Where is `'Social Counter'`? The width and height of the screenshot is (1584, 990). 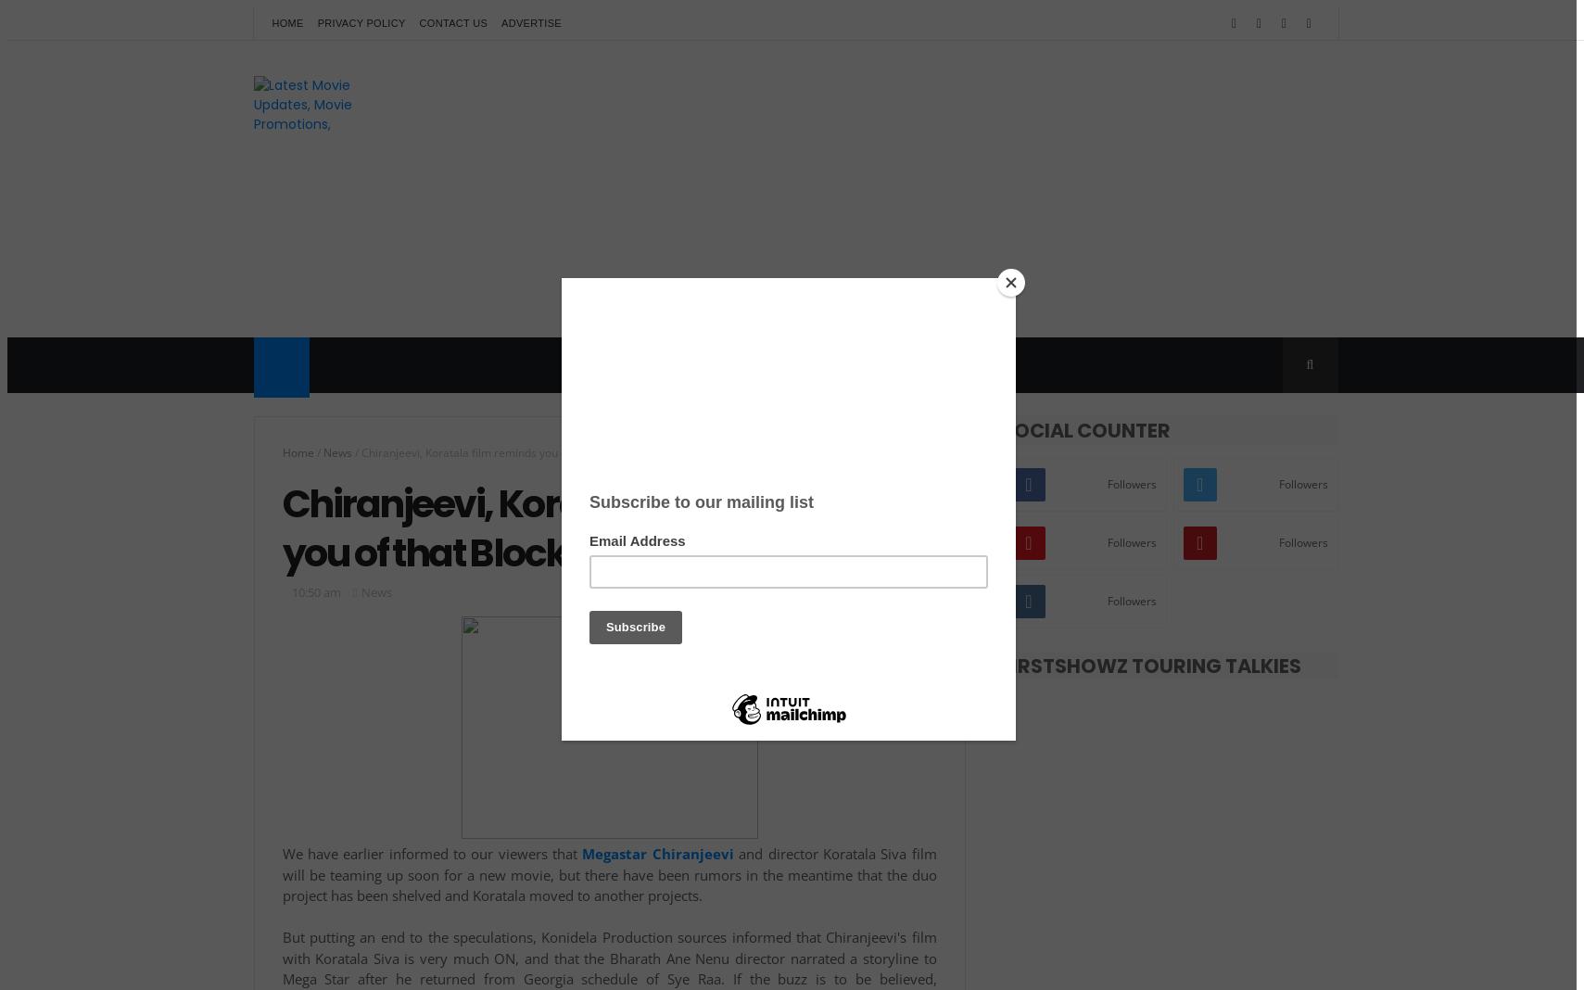 'Social Counter' is located at coordinates (1085, 430).